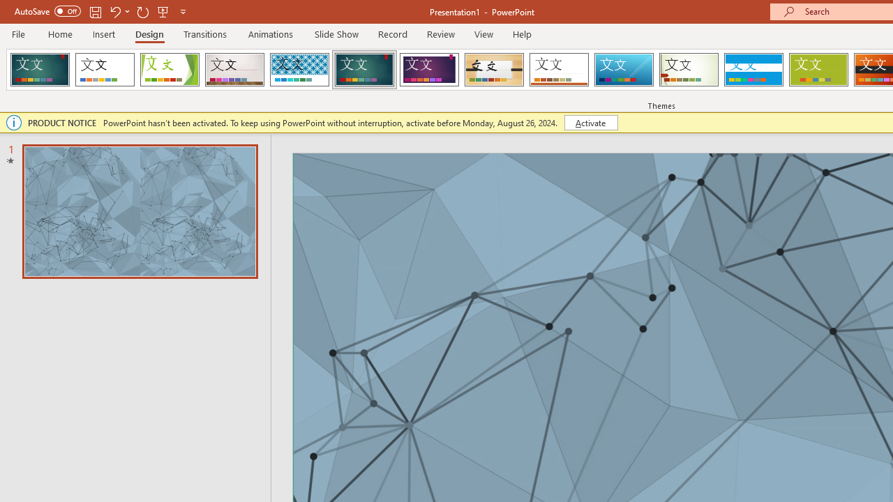  I want to click on 'Retrospect', so click(559, 70).